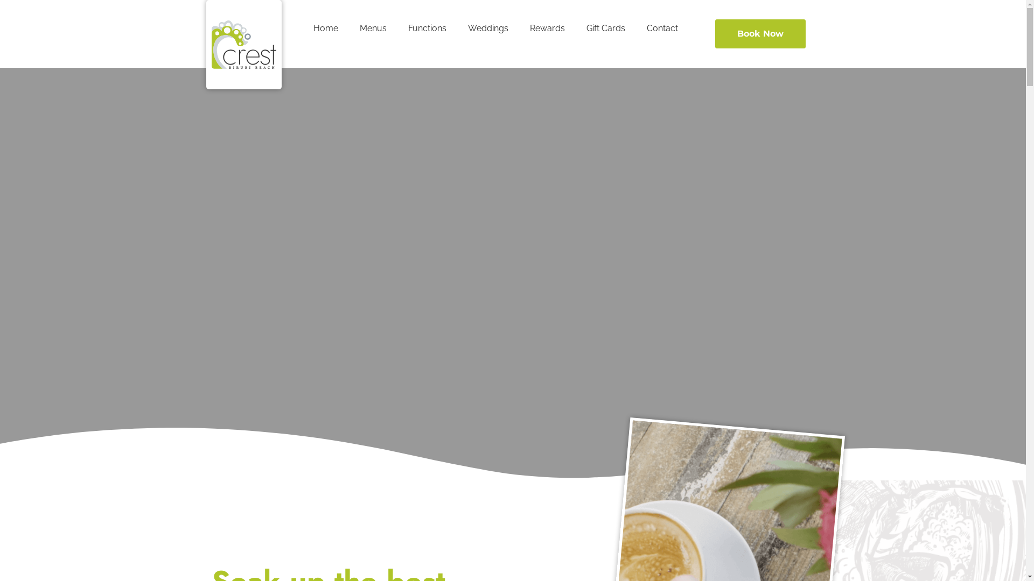 The image size is (1034, 581). I want to click on 'Home', so click(325, 28).